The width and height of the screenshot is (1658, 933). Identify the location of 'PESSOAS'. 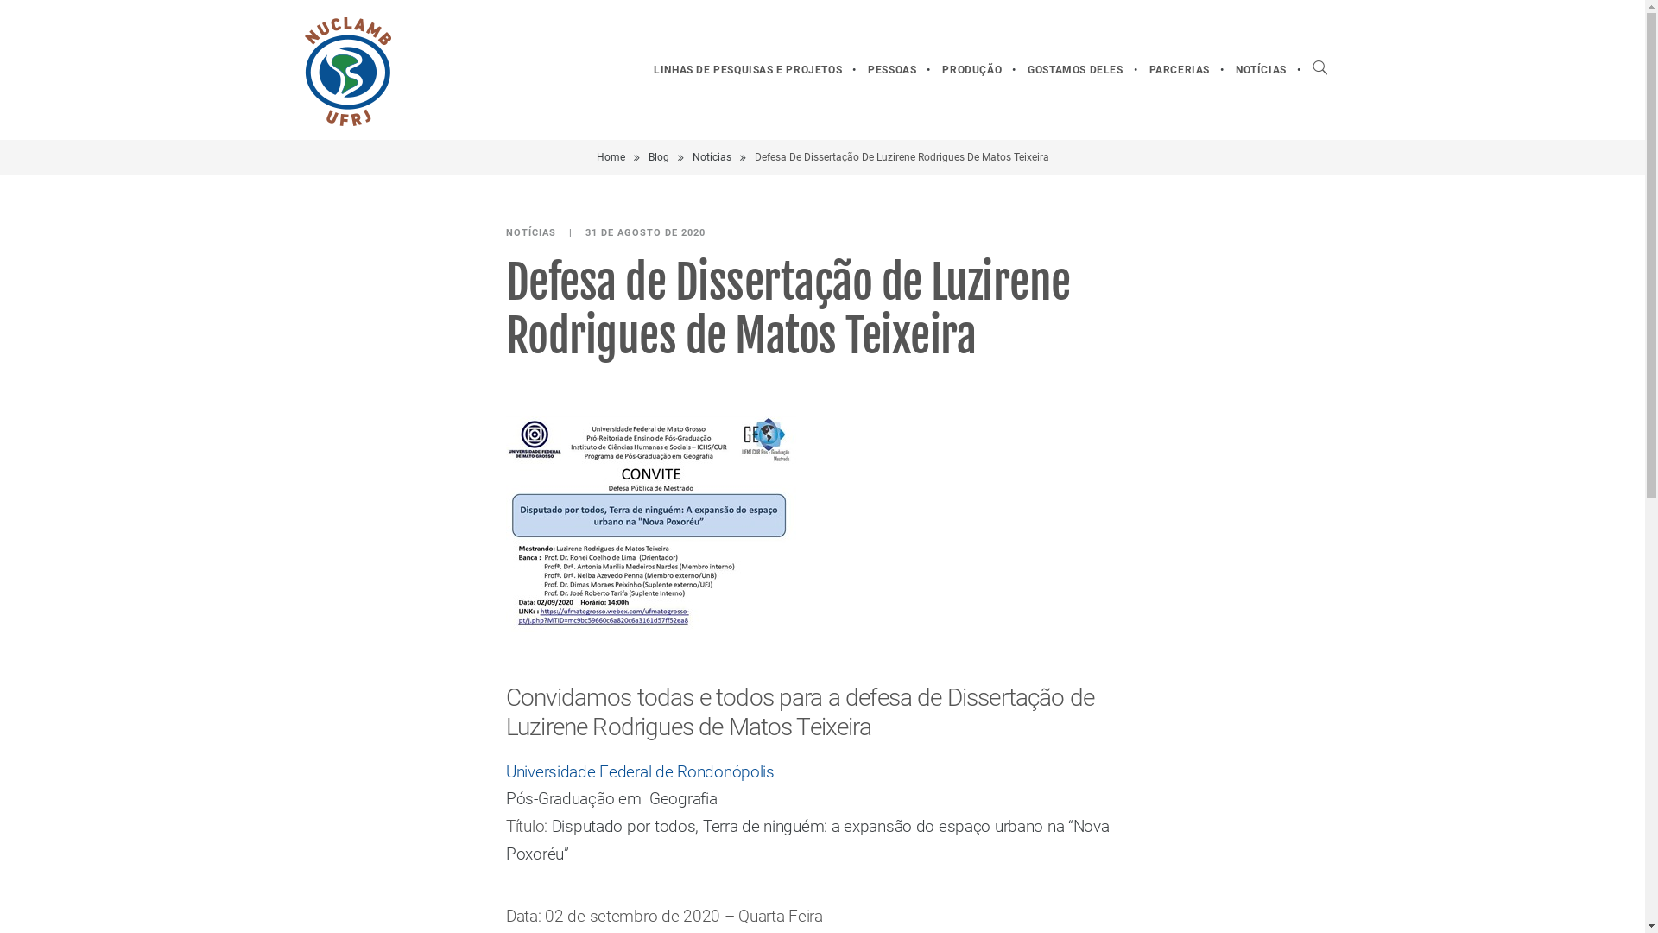
(854, 69).